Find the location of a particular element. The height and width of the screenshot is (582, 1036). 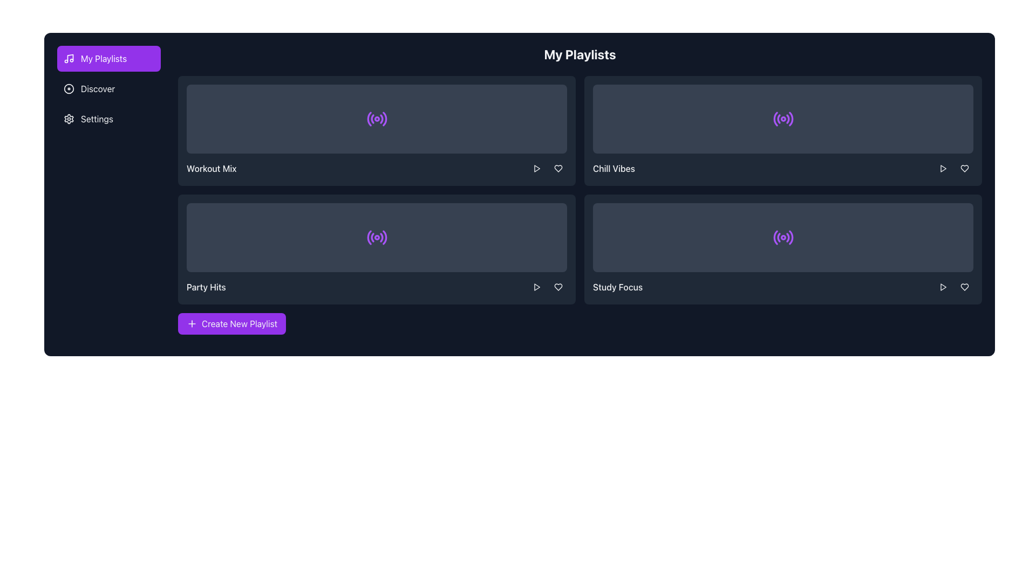

text from the label displaying 'Workout Mix', which is styled with medium font weight and is white-colored on a dark background, located in the first row and first column of the playlist interface is located at coordinates (212, 168).